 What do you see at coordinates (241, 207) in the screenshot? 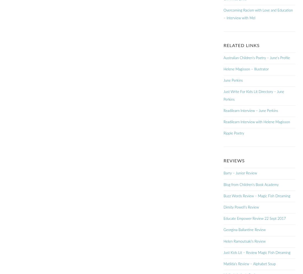
I see `'Dimity Powell's Review'` at bounding box center [241, 207].